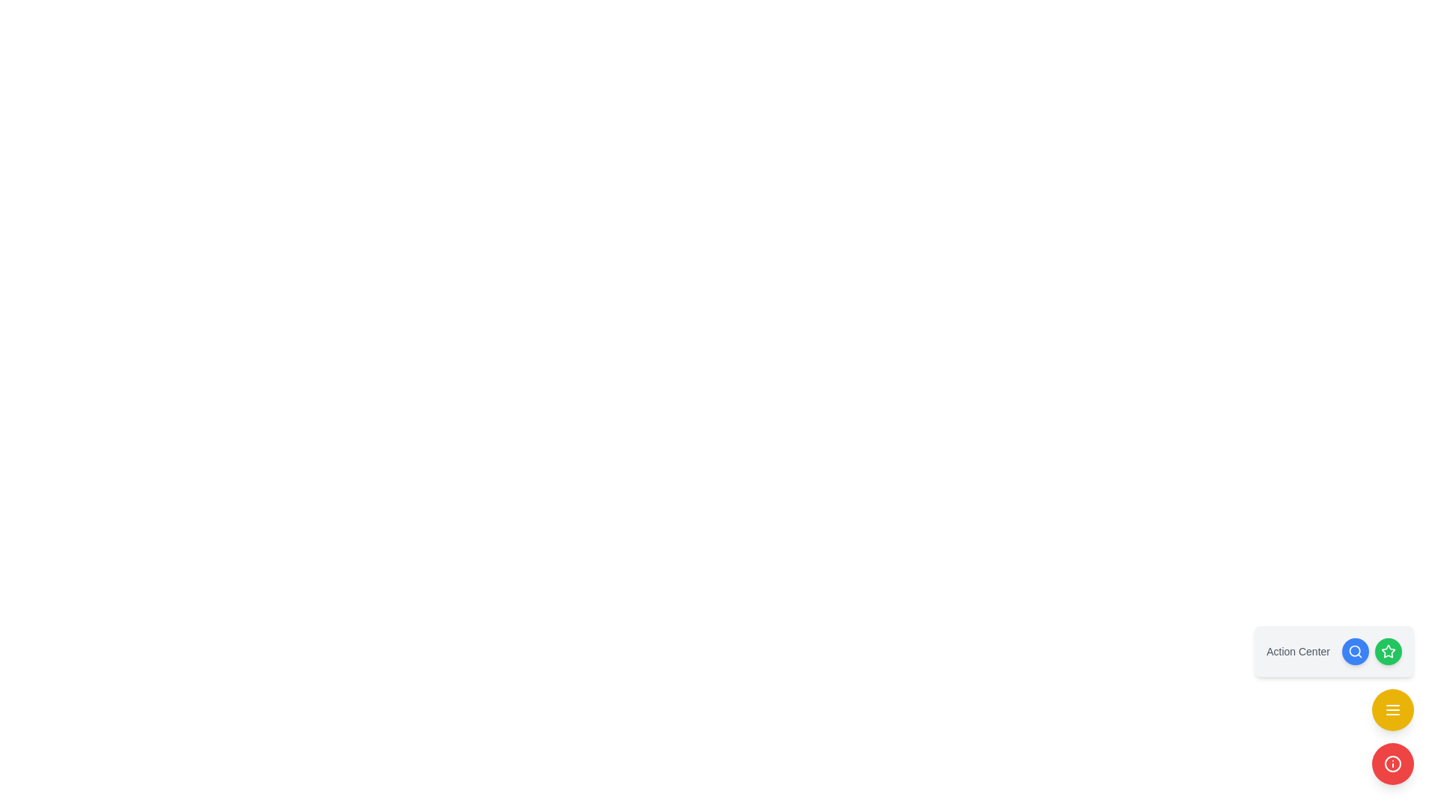  What do you see at coordinates (1372, 651) in the screenshot?
I see `the blue circular button with a magnifying glass icon in the Action Center to initiate search` at bounding box center [1372, 651].